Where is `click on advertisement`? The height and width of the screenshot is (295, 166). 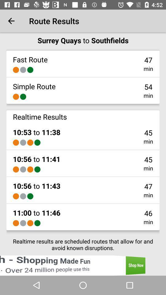
click on advertisement is located at coordinates (83, 265).